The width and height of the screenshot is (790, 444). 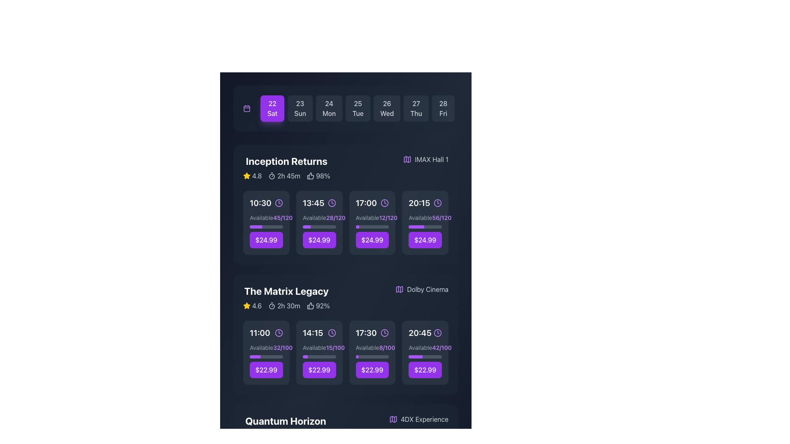 I want to click on the static text label displaying 'Available' in the 'Inception Returns' section, which is located beneath the time label '10:30', so click(x=261, y=217).